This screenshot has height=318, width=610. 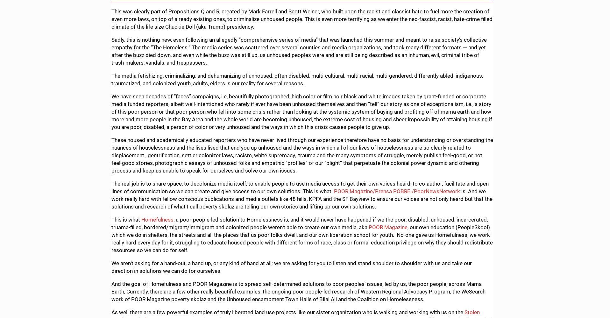 I want to click on 'This was clearly part of Propositions Q and R, created by Mark Farrell and Scott Weiner, who built upon the racist and classist hate to fuel more the creation of even more laws, on top of already existing ones, to criminalize unhoused people. This is even more terrifying as we enter the neo-fascist, racist, hate-crime filled climate of the life size Chuckie Doll (aka Trump) presidency.', so click(x=111, y=18).